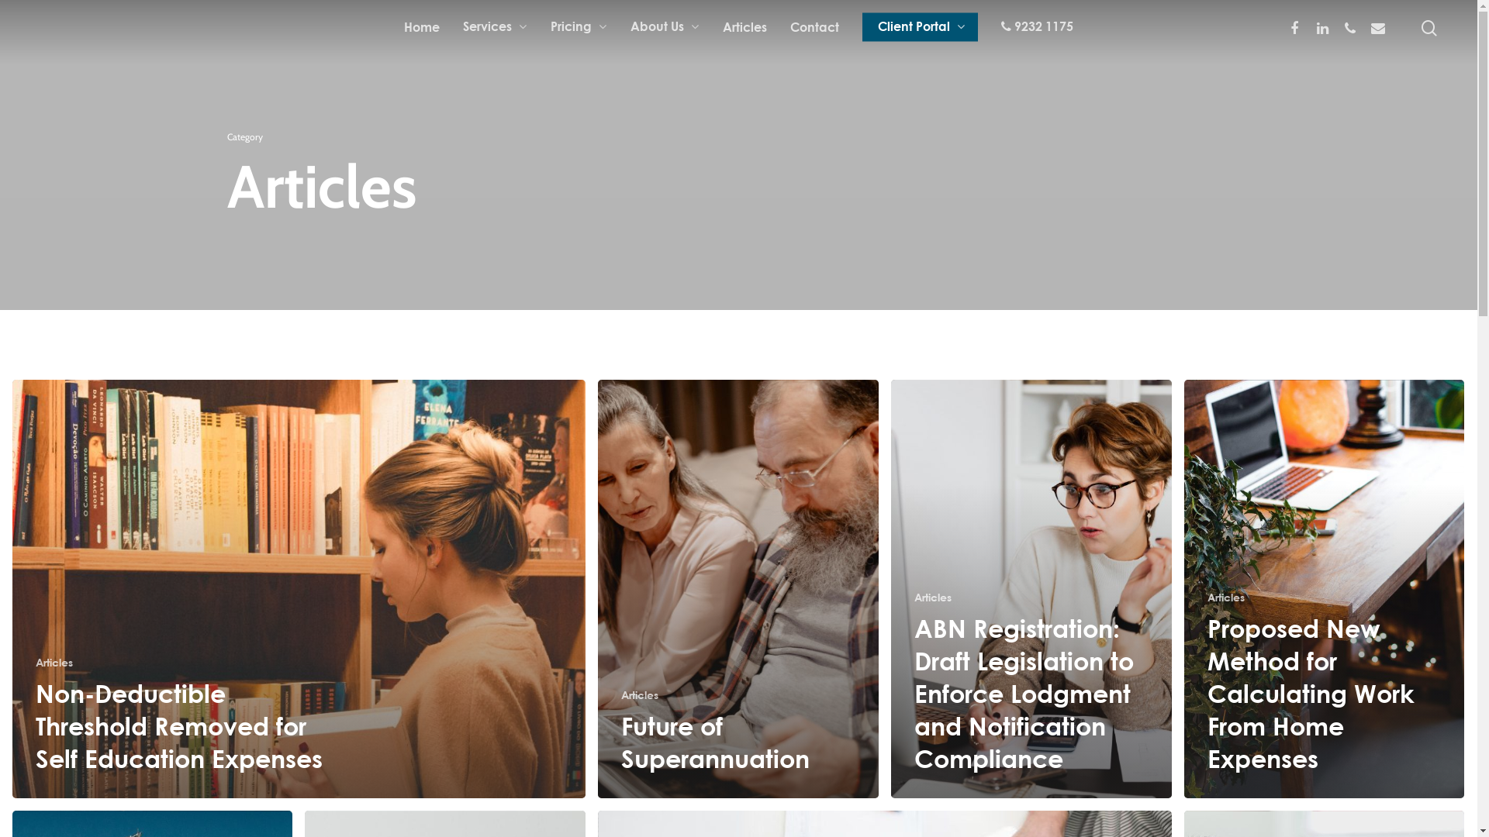 This screenshot has height=837, width=1489. What do you see at coordinates (665, 26) in the screenshot?
I see `'About Us'` at bounding box center [665, 26].